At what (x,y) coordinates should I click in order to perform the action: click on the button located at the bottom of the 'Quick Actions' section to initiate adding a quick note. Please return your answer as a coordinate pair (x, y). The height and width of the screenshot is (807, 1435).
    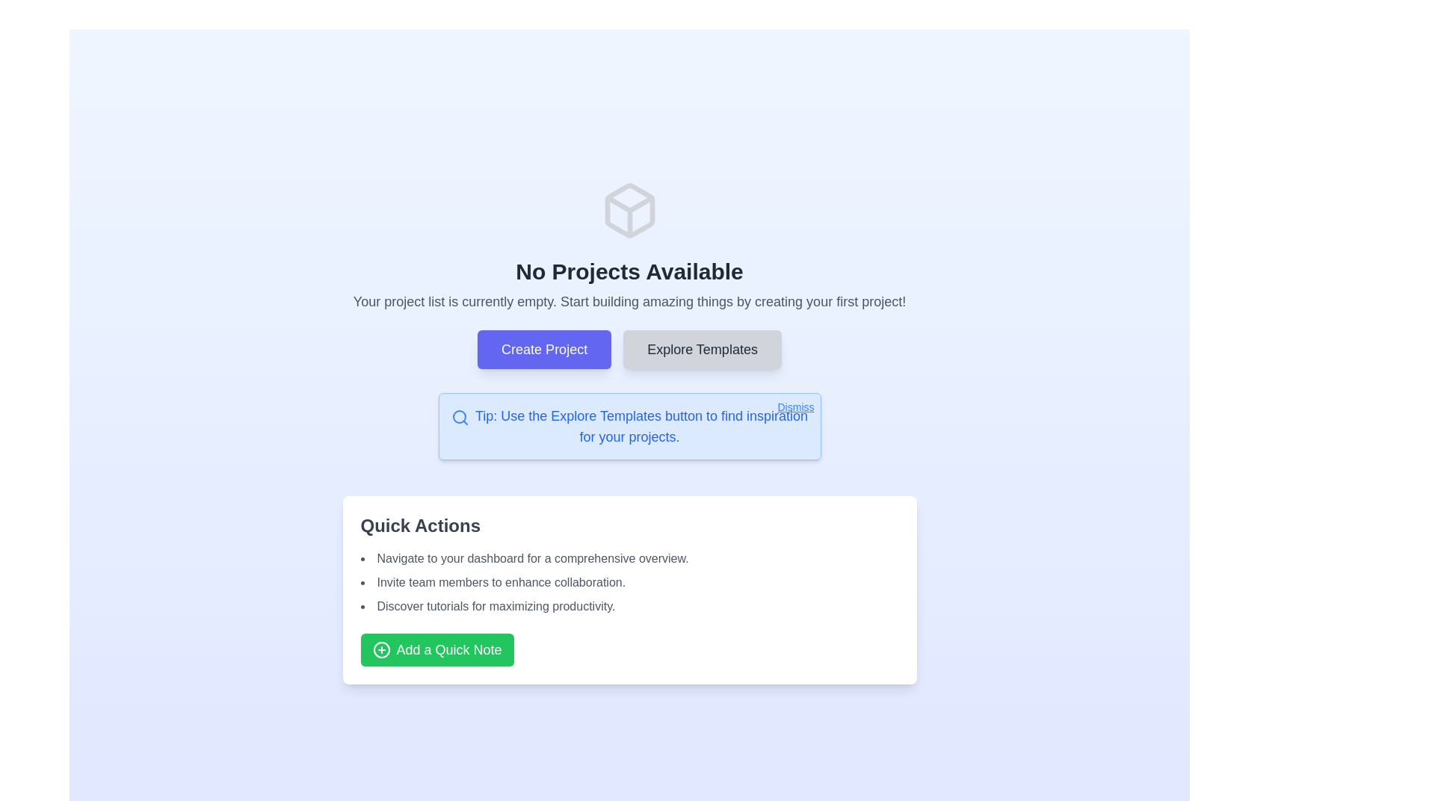
    Looking at the image, I should click on (436, 649).